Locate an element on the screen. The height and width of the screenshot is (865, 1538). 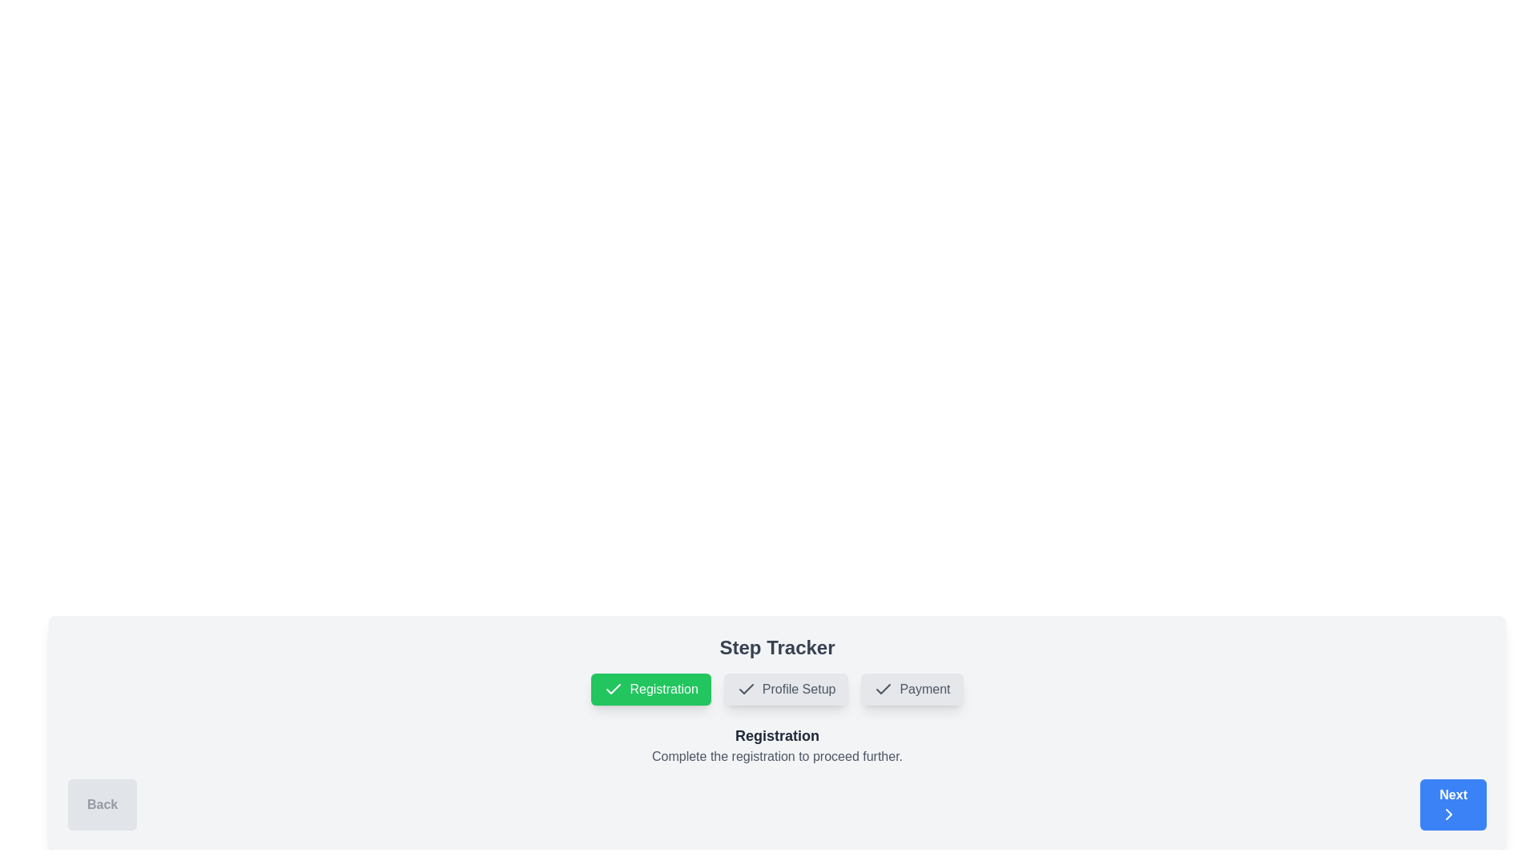
the icon indicating the 'Payment' phase is complete, which is positioned to the left of the text 'Payment' is located at coordinates (883, 688).